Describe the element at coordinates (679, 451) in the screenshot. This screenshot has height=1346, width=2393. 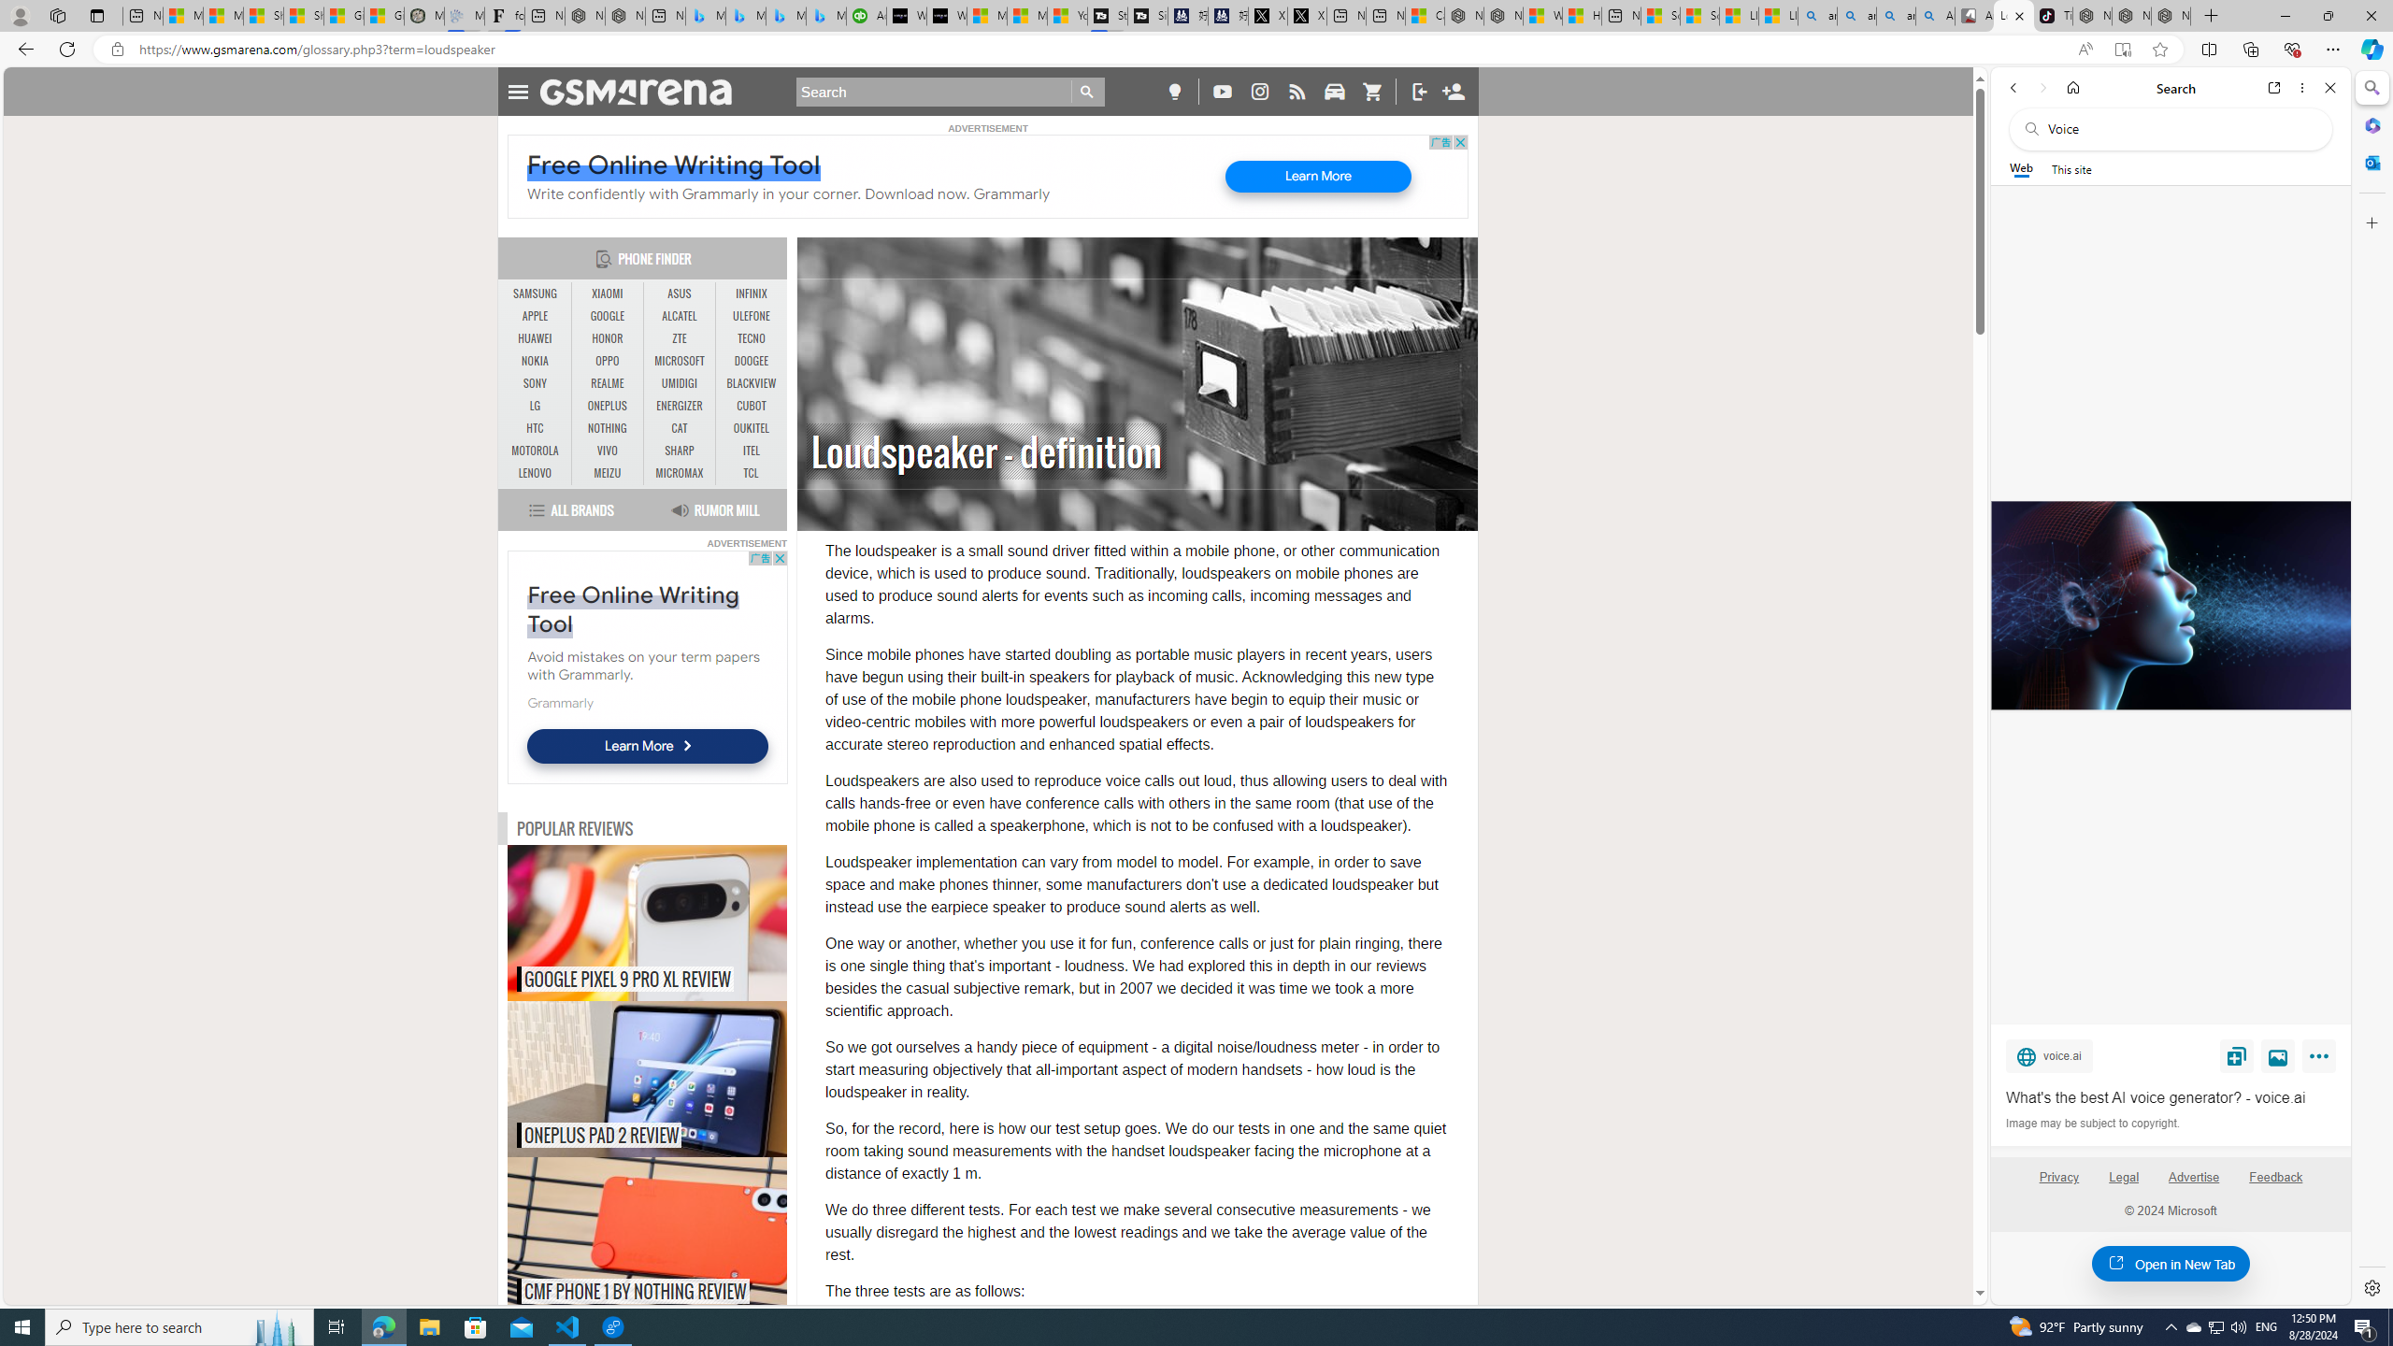
I see `'SHARP'` at that location.